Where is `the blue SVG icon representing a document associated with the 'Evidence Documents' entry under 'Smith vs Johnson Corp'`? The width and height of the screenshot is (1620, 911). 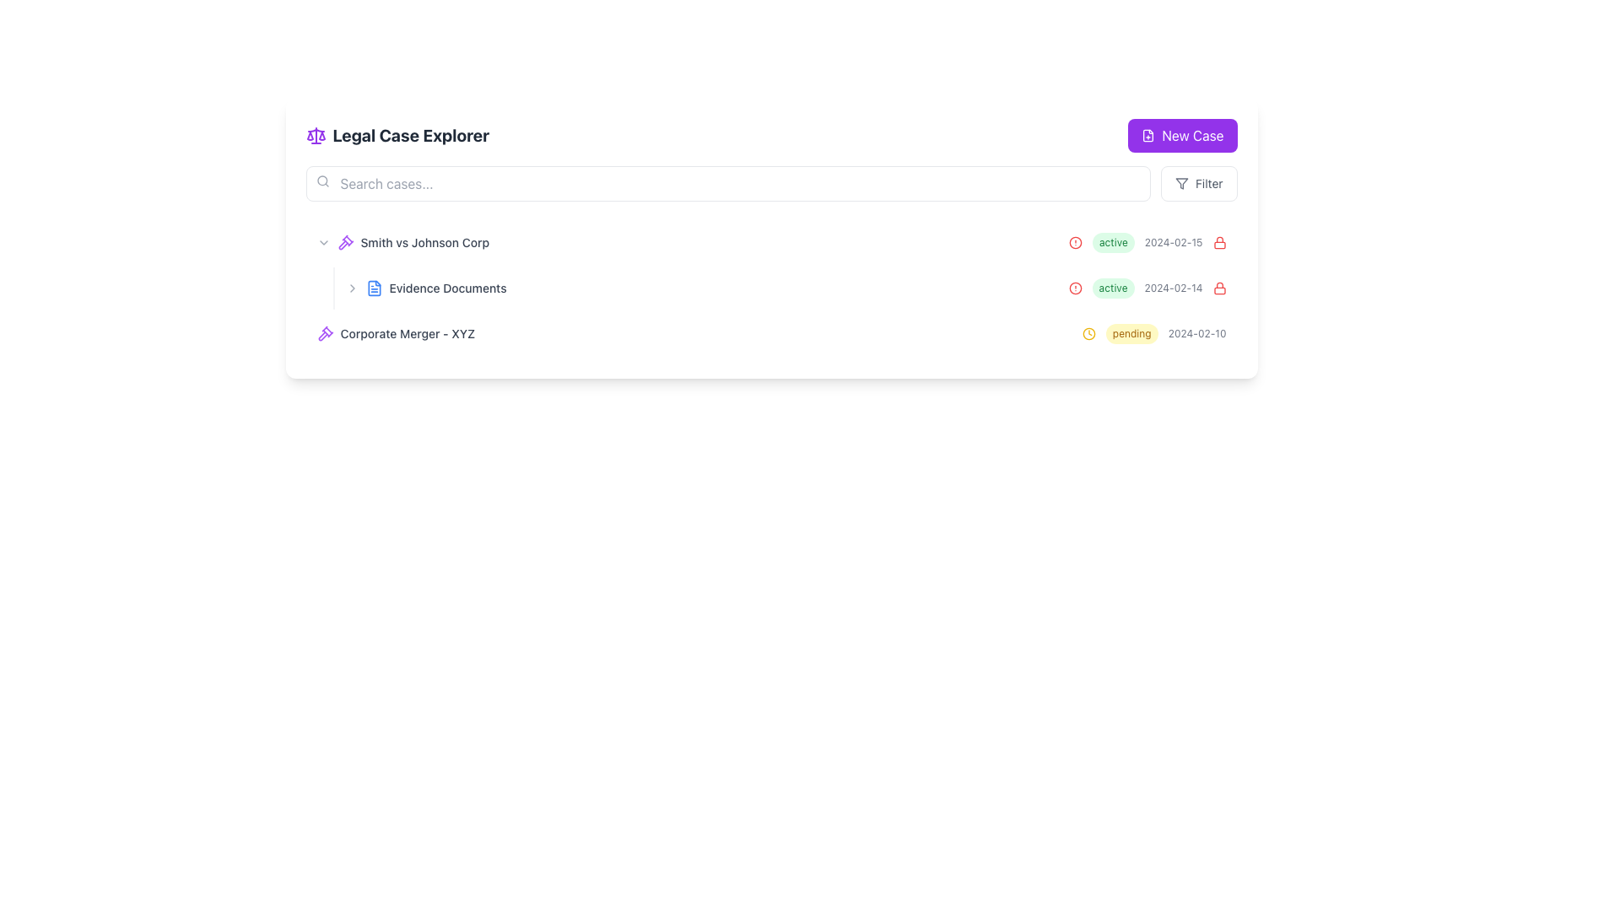
the blue SVG icon representing a document associated with the 'Evidence Documents' entry under 'Smith vs Johnson Corp' is located at coordinates (373, 288).